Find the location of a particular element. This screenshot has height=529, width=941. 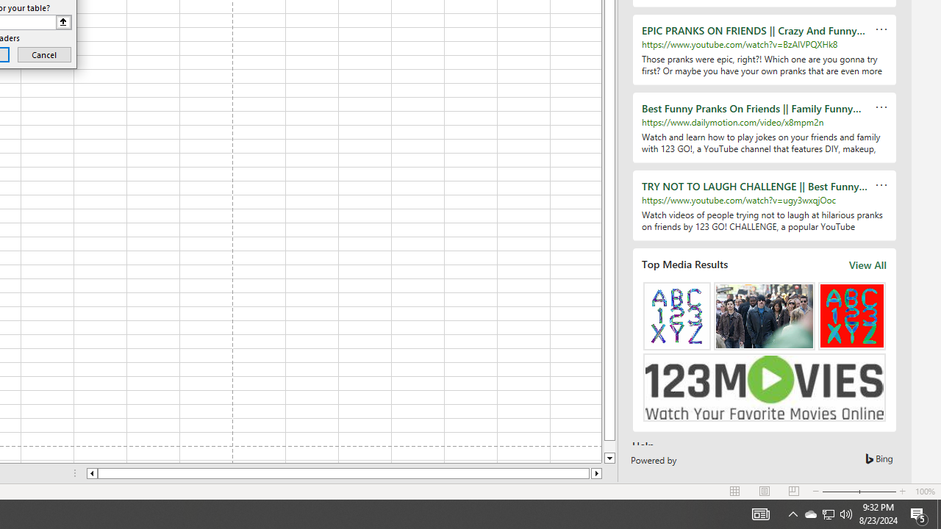

'Cancel' is located at coordinates (44, 54).